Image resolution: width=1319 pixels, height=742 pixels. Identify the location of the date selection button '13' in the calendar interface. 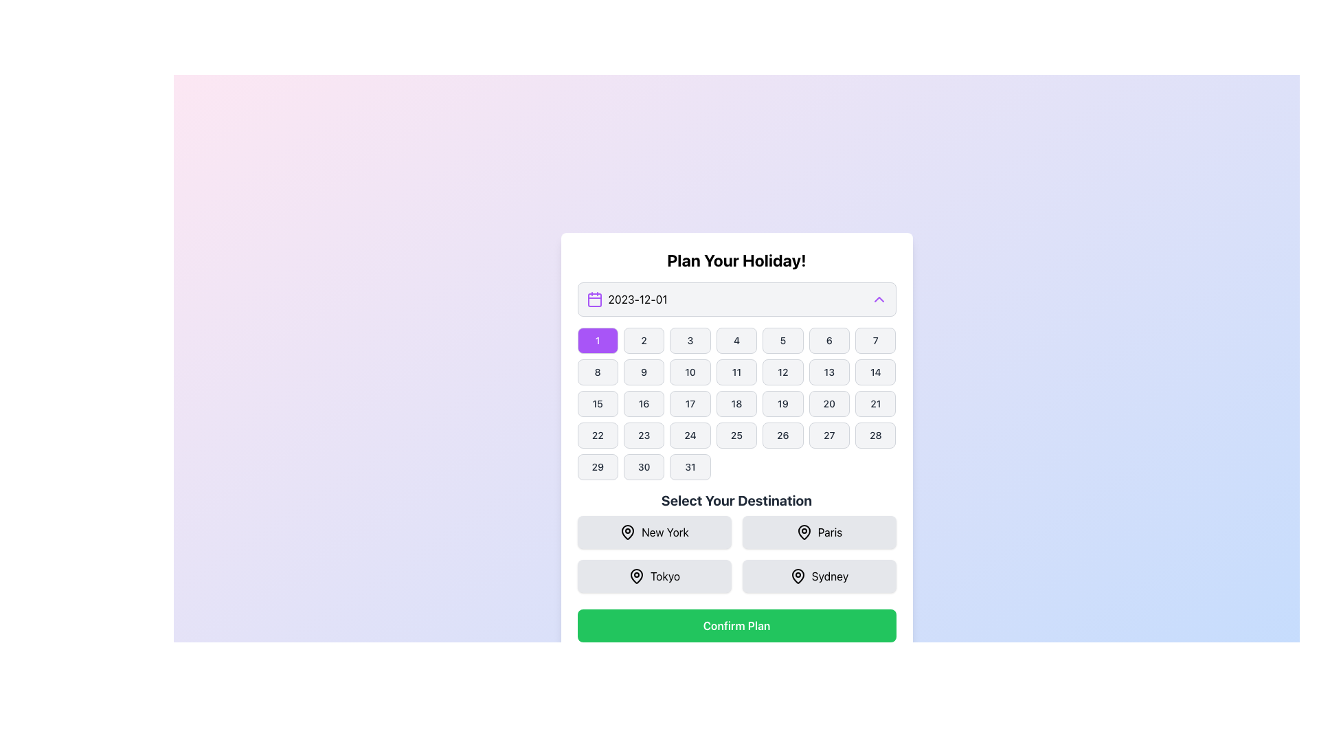
(828, 372).